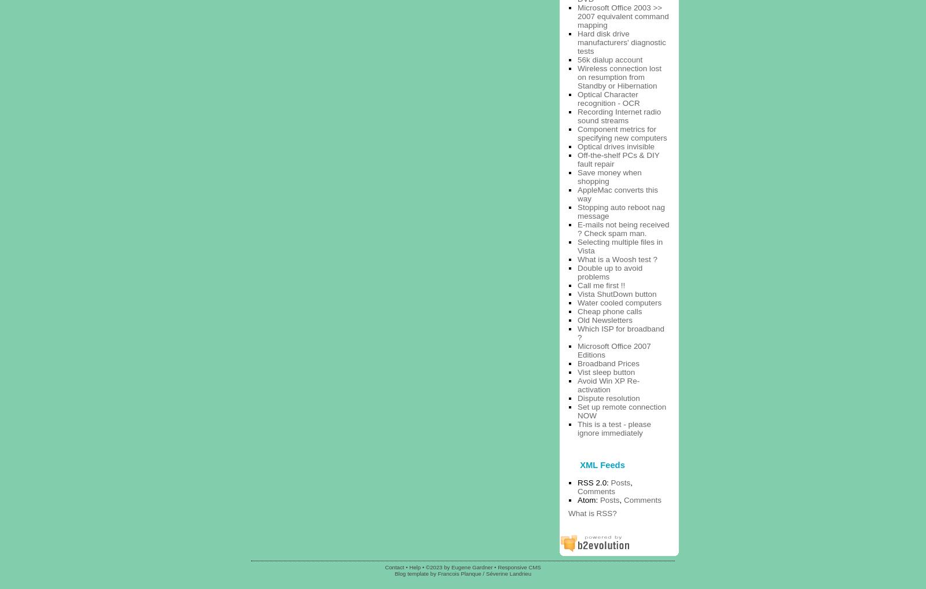 This screenshot has height=589, width=926. I want to click on 'Old Newsletters', so click(604, 319).